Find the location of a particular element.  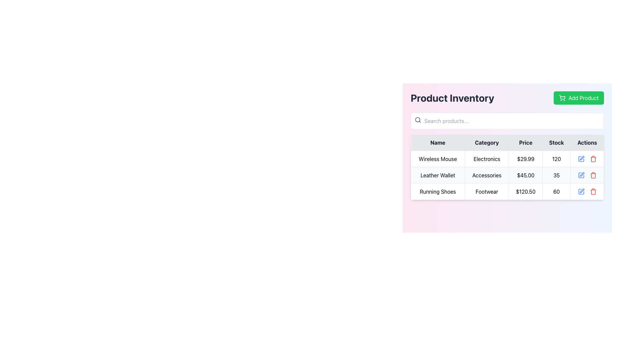

the 'Add Product' button in the top-right corner of the 'Product Inventory' panel to change its background color is located at coordinates (578, 98).